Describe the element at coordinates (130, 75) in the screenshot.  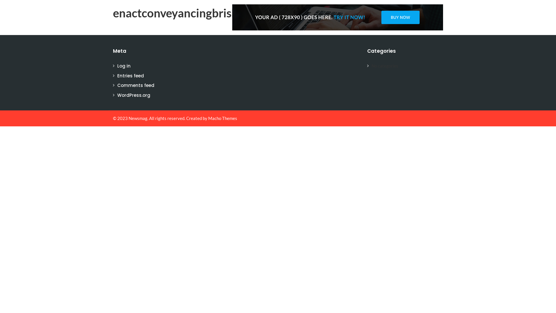
I see `'Entries feed'` at that location.